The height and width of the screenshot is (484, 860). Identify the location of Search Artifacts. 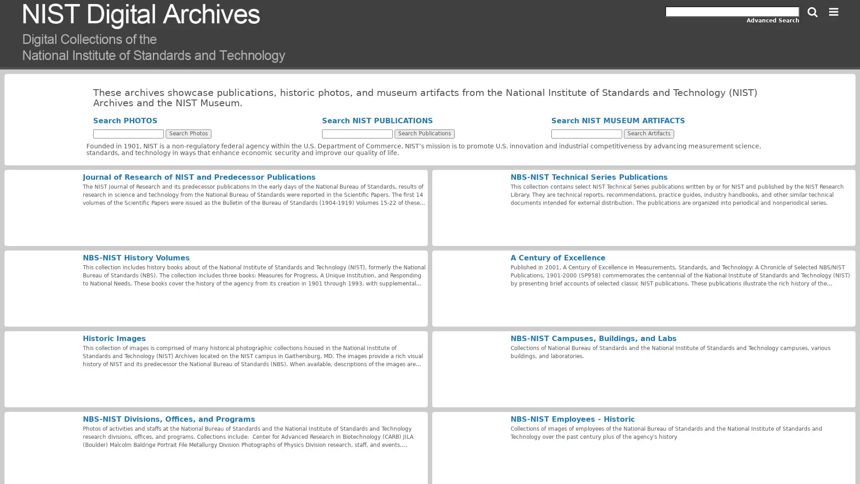
(649, 133).